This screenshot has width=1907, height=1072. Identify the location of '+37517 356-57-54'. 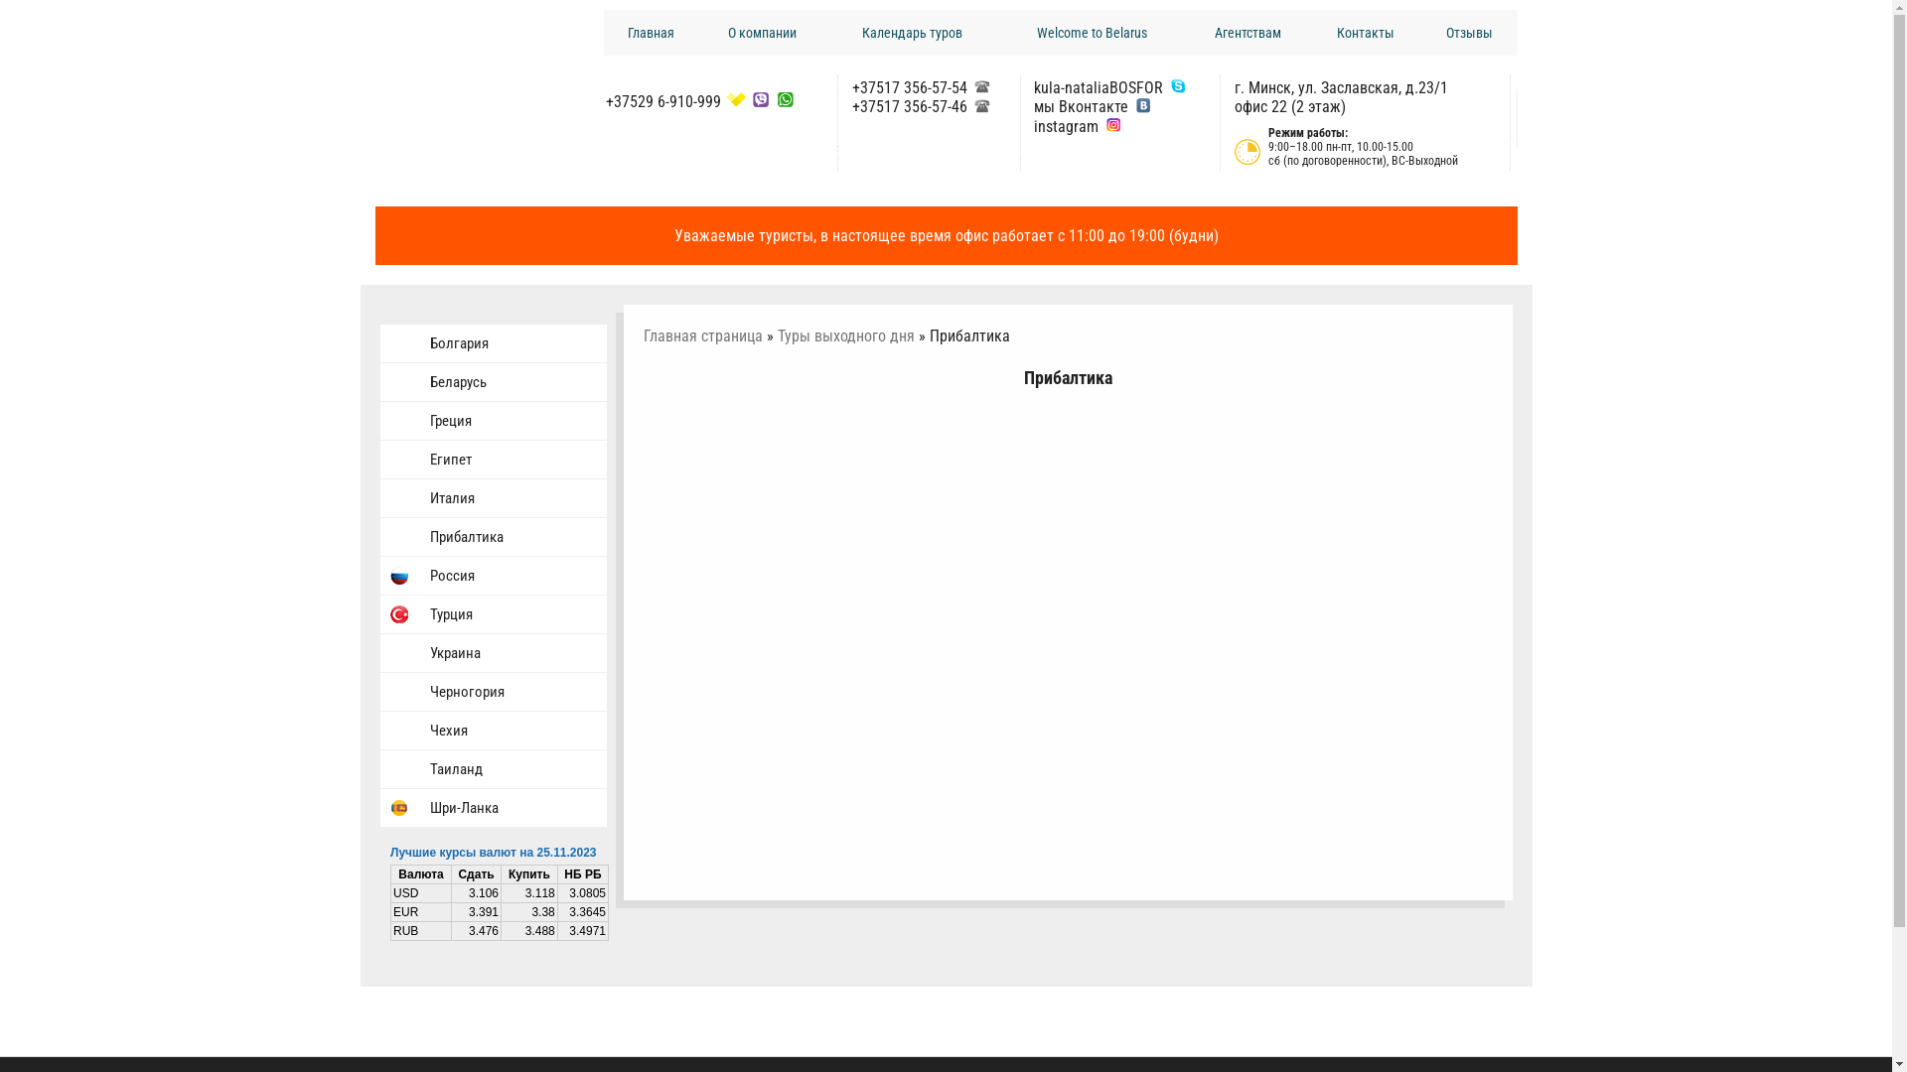
(909, 86).